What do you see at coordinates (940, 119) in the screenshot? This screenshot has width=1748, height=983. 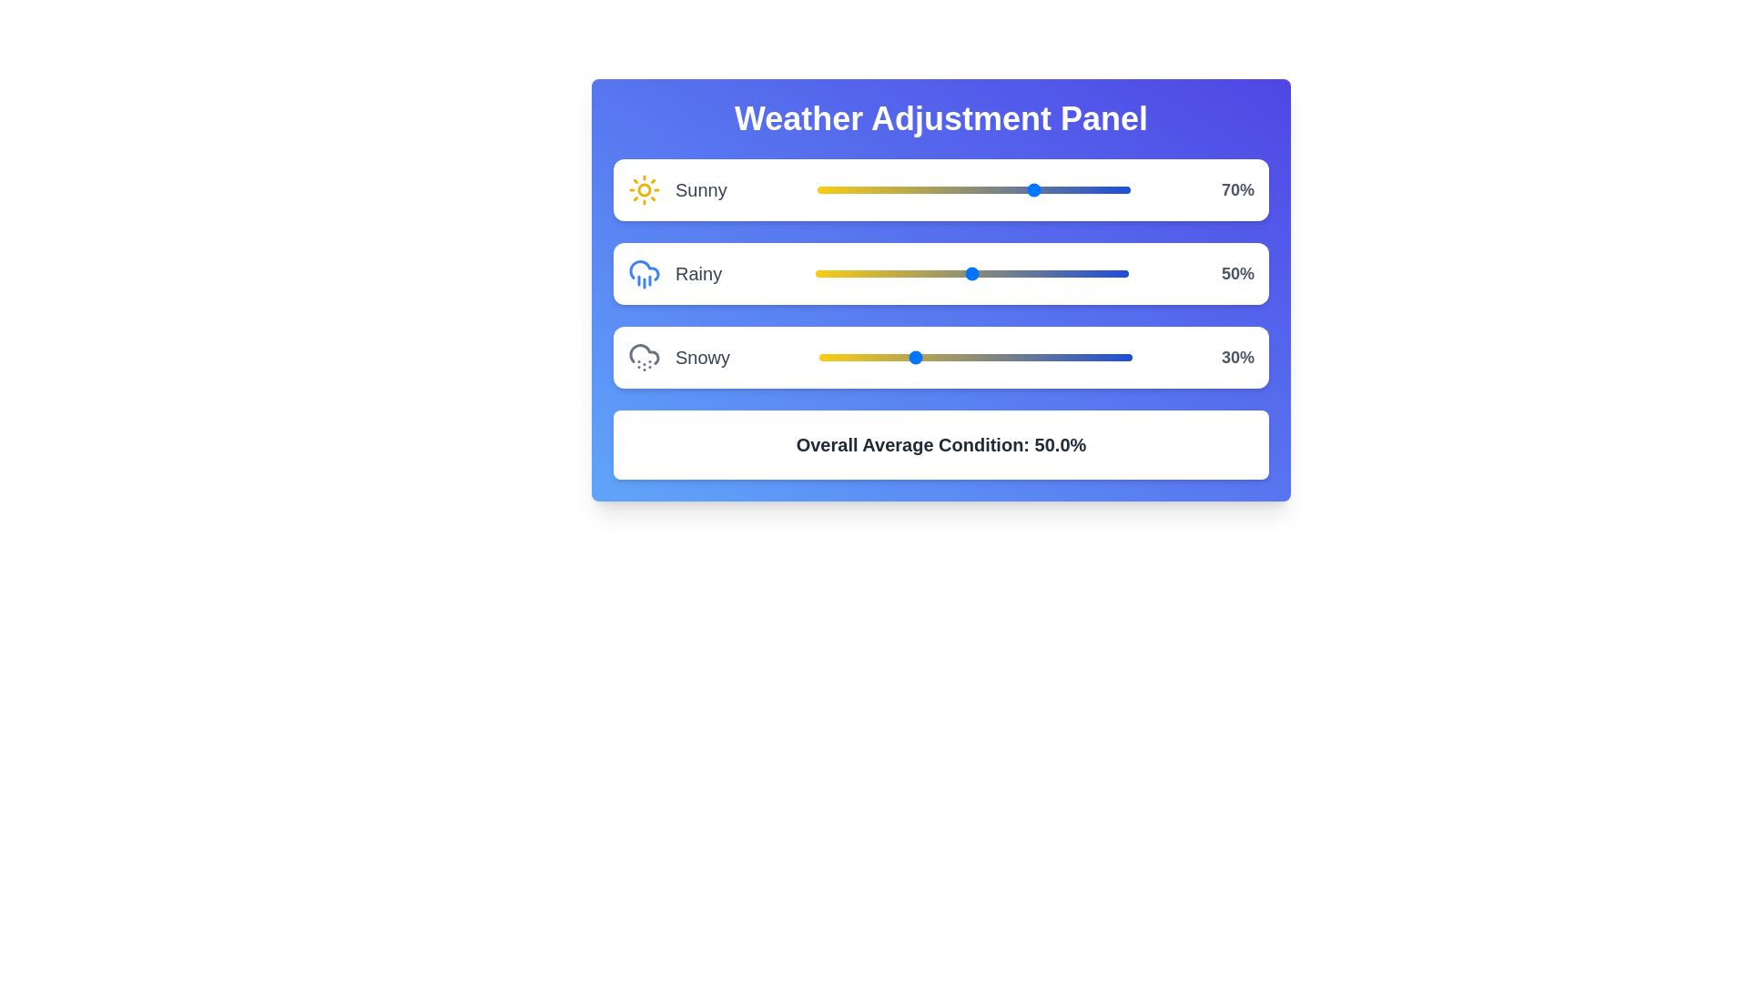 I see `the Header text that serves as the title for the weather adjustment panel, positioned at the top of a rounded card-like interface with a blue-gradient background` at bounding box center [940, 119].